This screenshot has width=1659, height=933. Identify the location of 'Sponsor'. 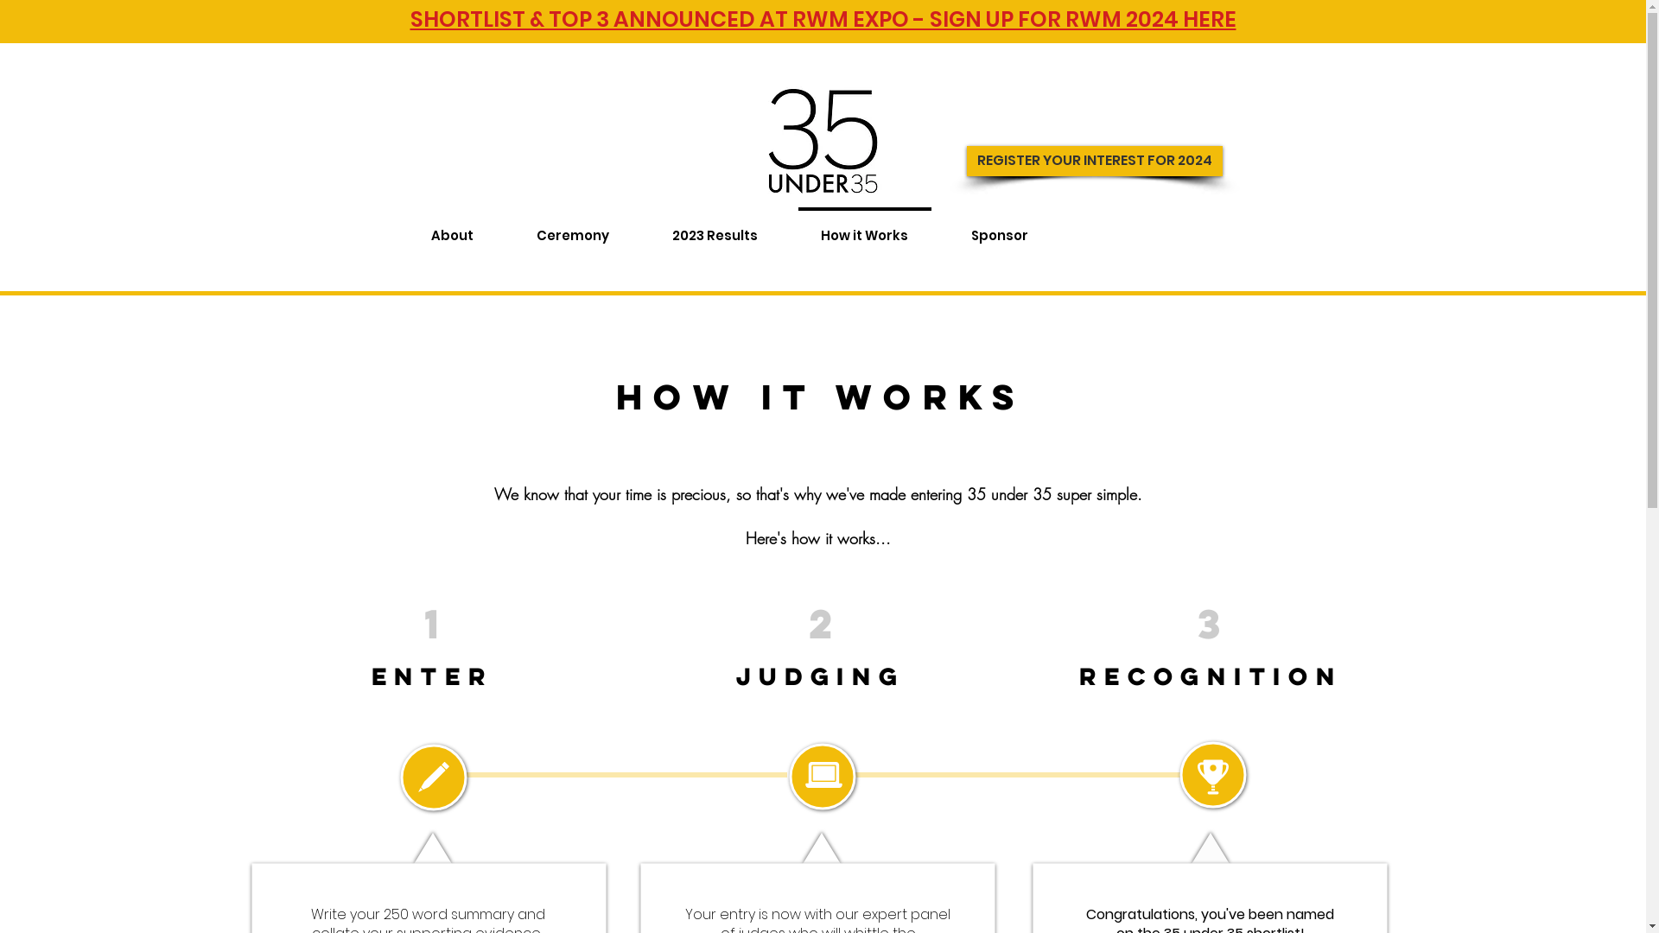
(999, 226).